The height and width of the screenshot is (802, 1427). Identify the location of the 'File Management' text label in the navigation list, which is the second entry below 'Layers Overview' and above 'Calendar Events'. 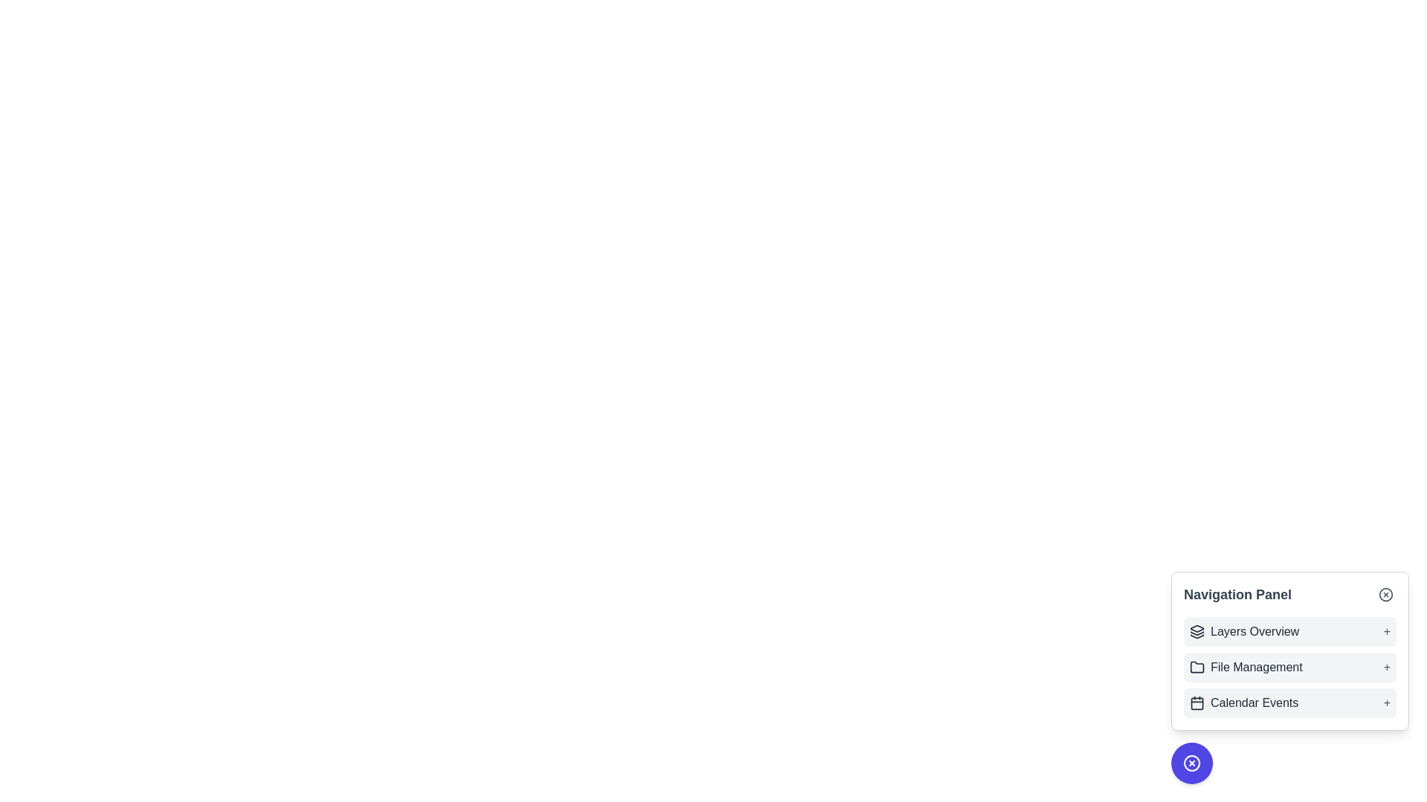
(1255, 666).